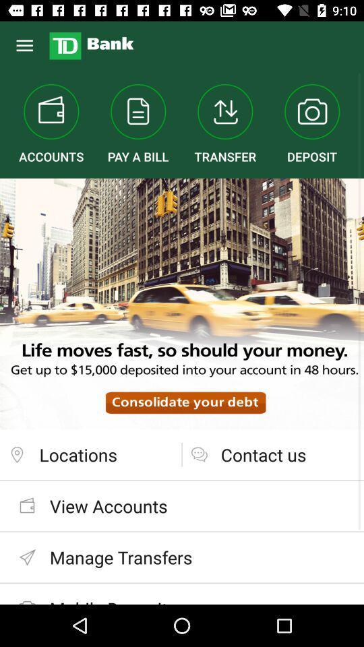 This screenshot has height=647, width=364. What do you see at coordinates (225, 124) in the screenshot?
I see `transfer item` at bounding box center [225, 124].